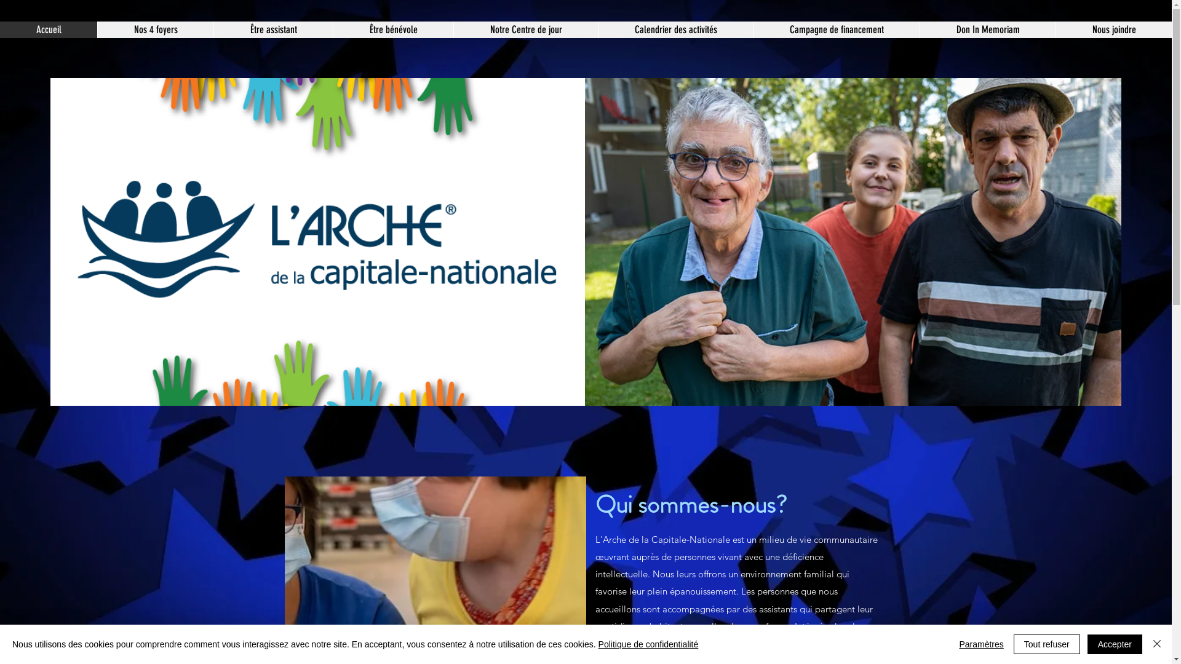 The width and height of the screenshot is (1181, 664). I want to click on 'Nos 4 foyers', so click(154, 29).